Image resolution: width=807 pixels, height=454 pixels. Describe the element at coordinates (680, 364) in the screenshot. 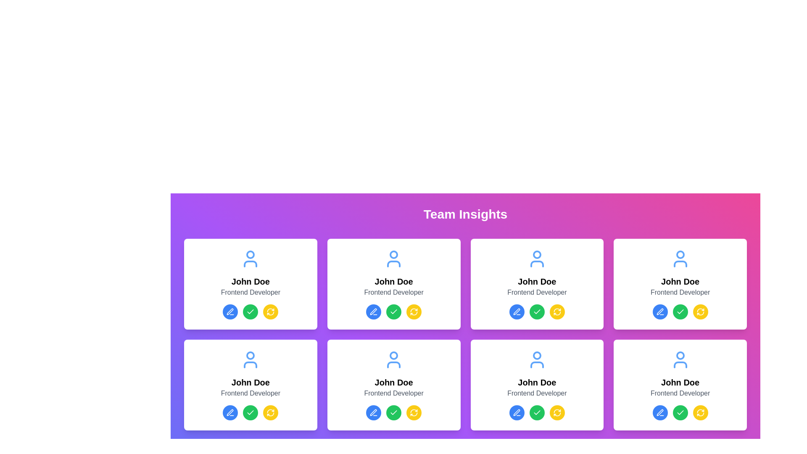

I see `the lower half of the user icon in the fourth card of the second row in the grid` at that location.